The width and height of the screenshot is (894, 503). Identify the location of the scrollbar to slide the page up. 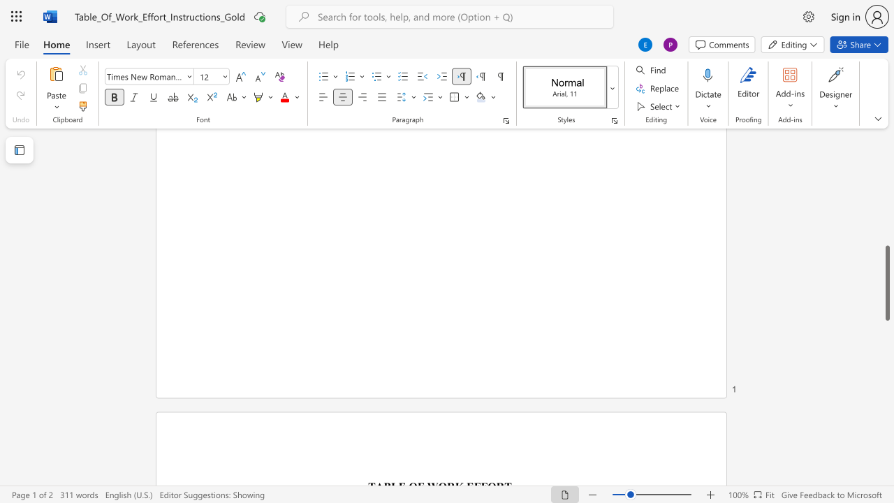
(886, 229).